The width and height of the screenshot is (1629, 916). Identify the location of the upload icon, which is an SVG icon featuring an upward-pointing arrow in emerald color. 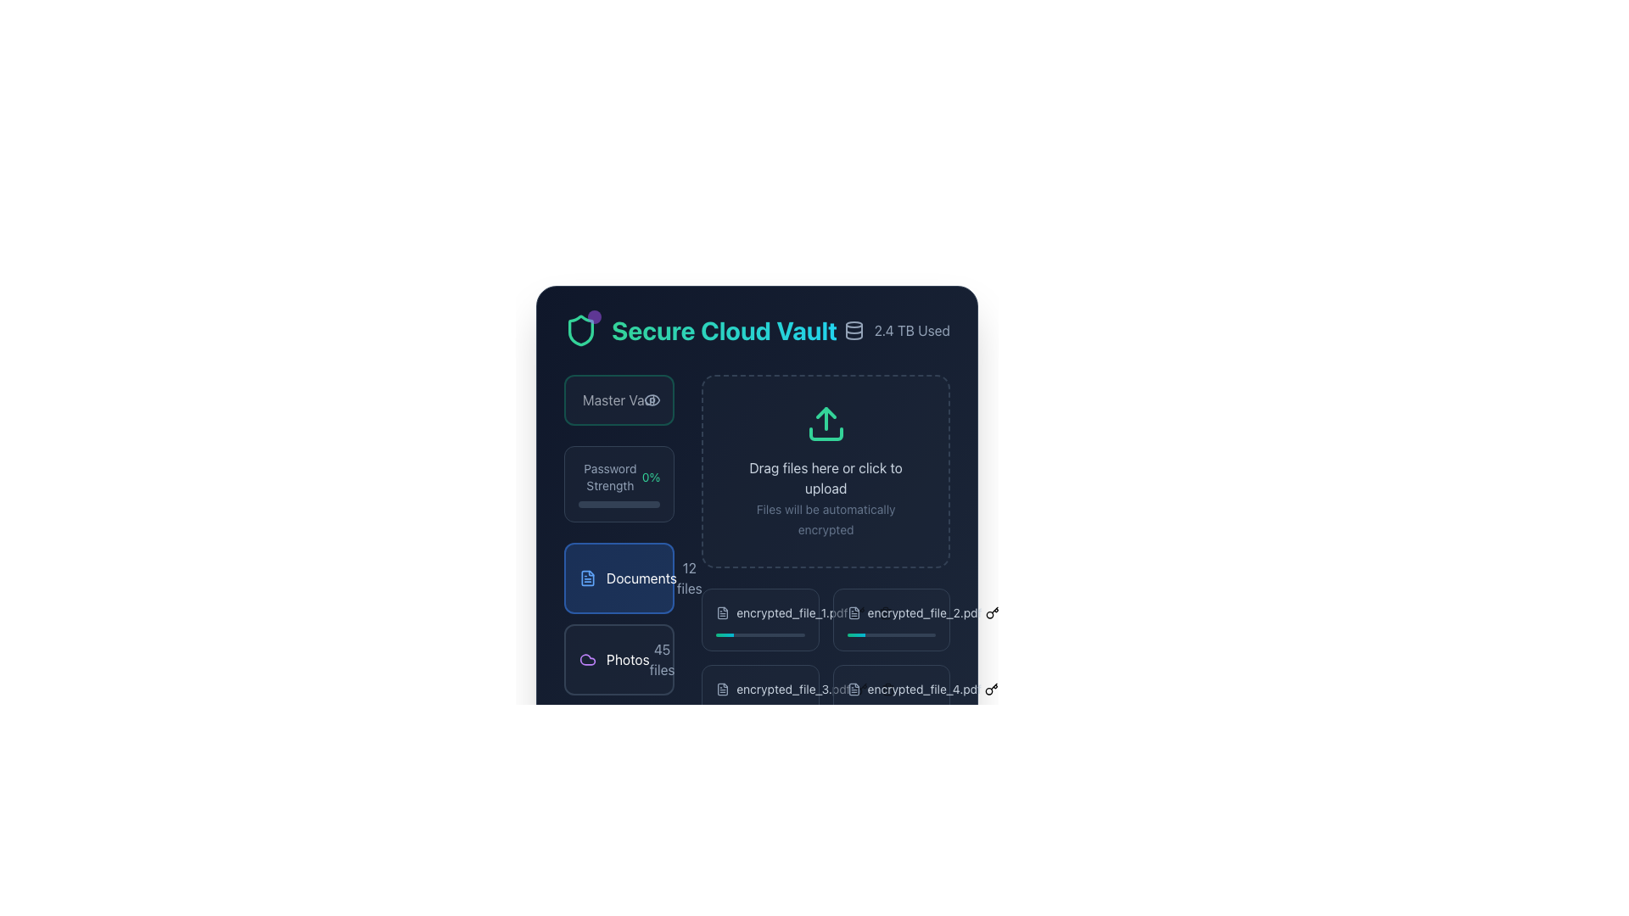
(826, 423).